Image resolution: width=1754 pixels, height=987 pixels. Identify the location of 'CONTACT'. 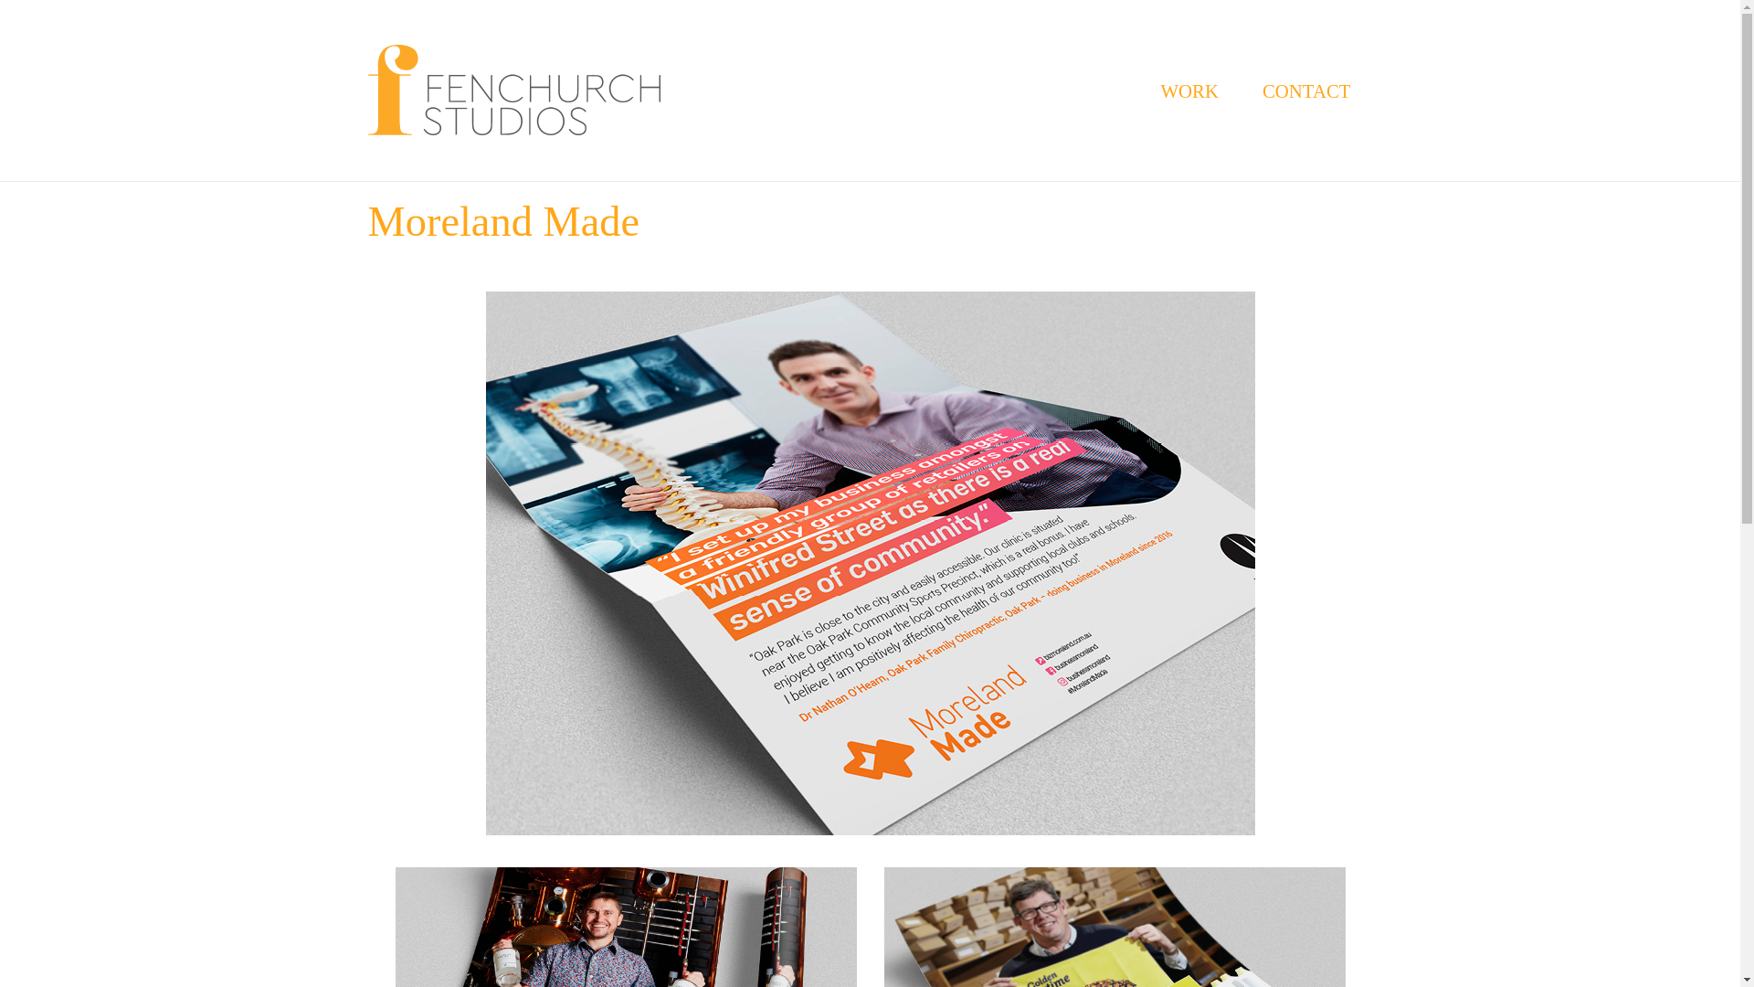
(1305, 90).